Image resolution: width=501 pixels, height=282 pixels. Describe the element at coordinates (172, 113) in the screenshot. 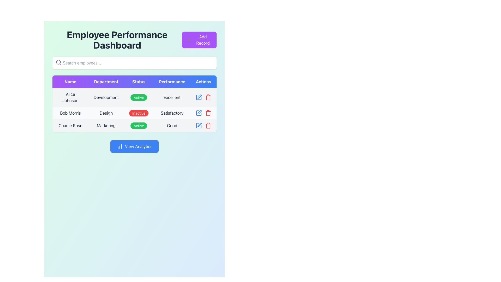

I see `the text element displaying 'Satisfactory' in the fourth column of the second row of the performance metrics table` at that location.